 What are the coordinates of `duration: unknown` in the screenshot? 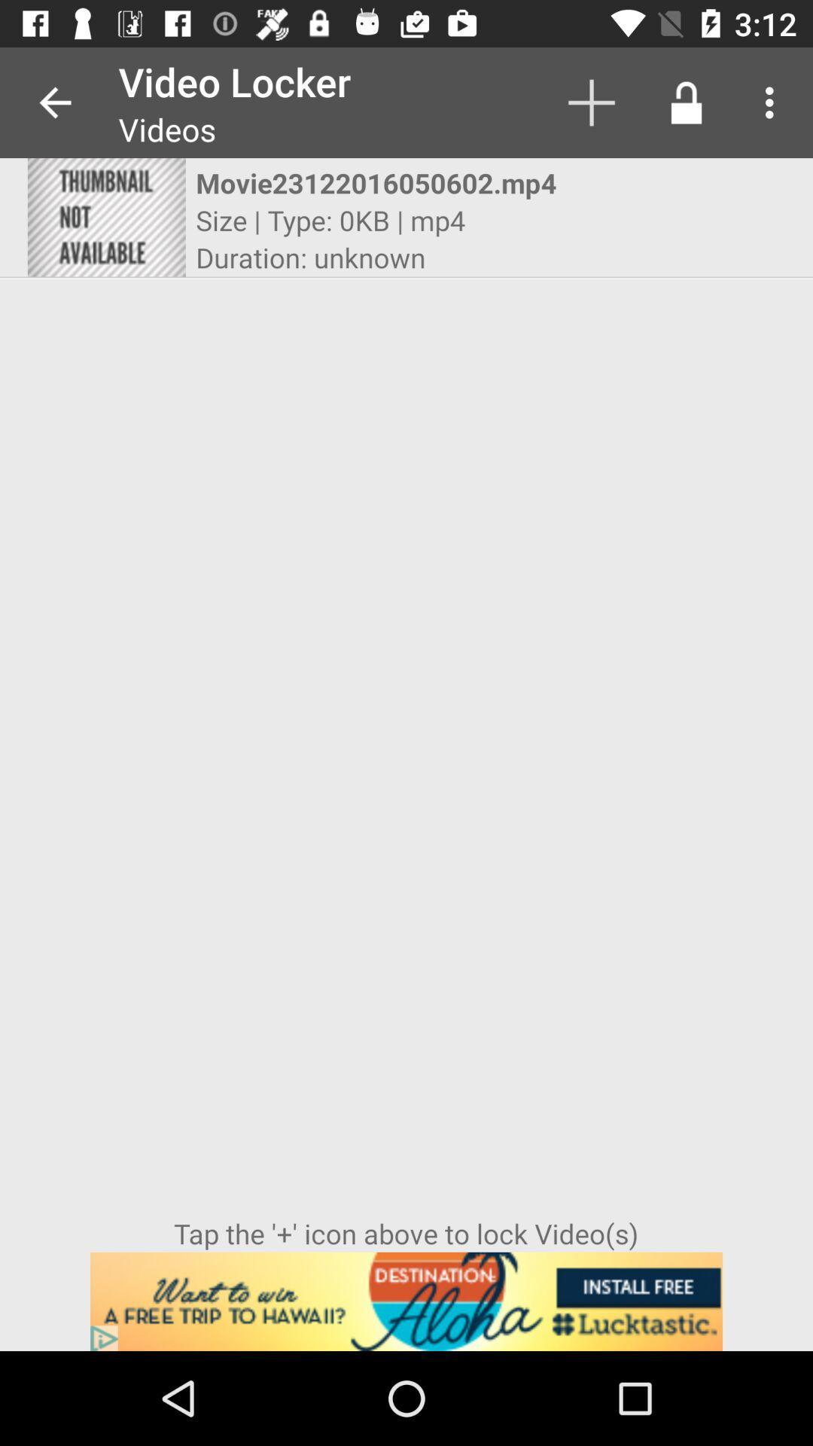 It's located at (309, 257).